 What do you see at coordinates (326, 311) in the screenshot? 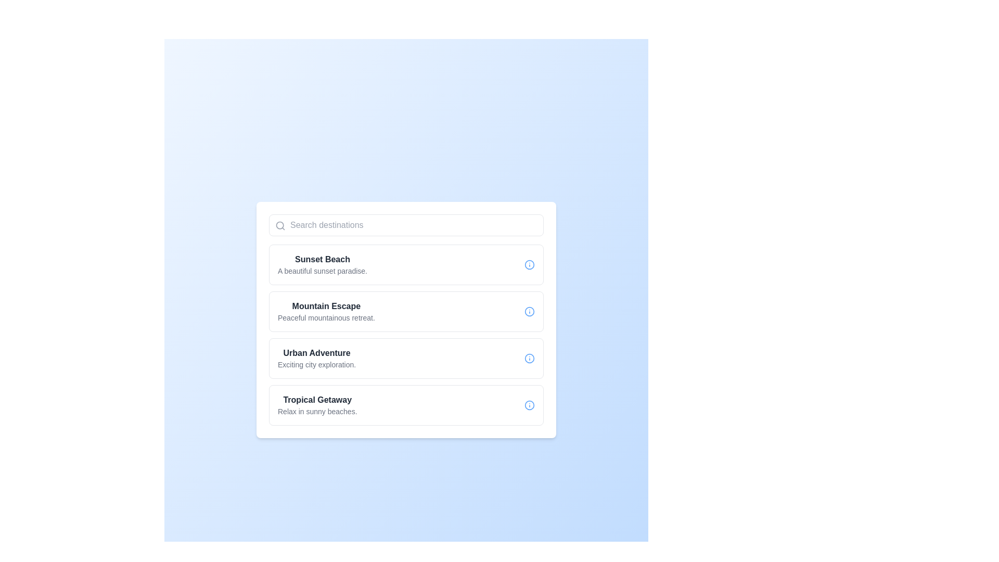
I see `the selectable option for 'Mountain Escape', which provides a title and description for a location in the list` at bounding box center [326, 311].